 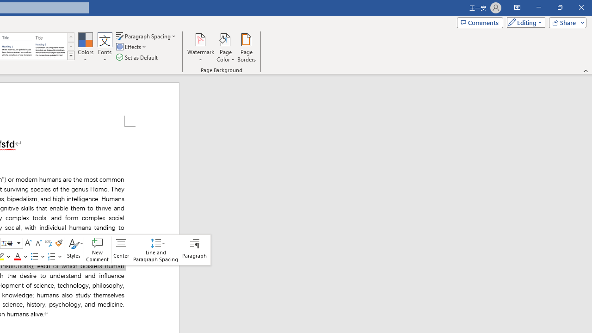 What do you see at coordinates (11, 242) in the screenshot?
I see `'Class: NetUIComboboxAnchor'` at bounding box center [11, 242].